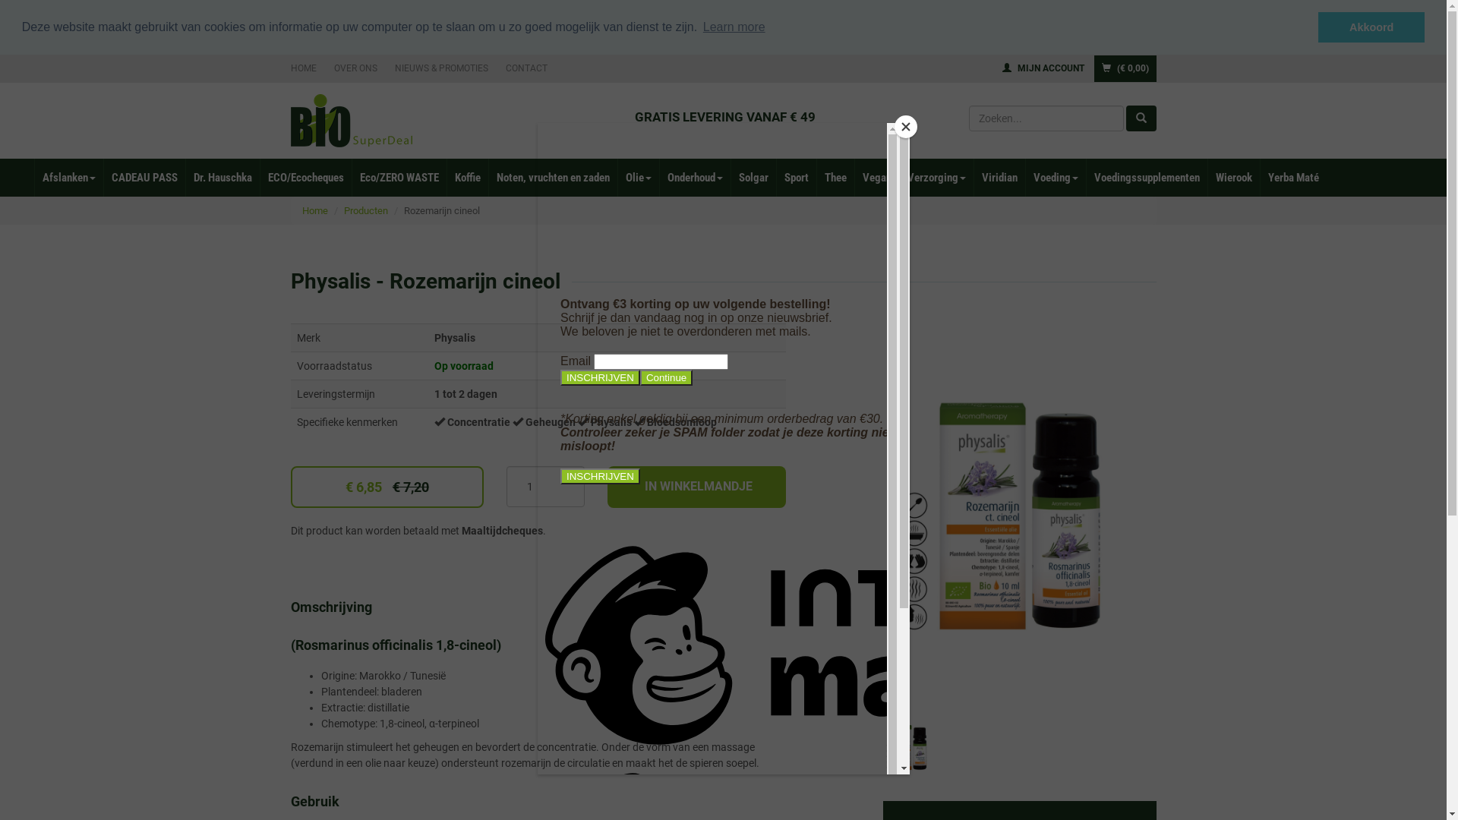  What do you see at coordinates (144, 175) in the screenshot?
I see `'CADEAU PASS'` at bounding box center [144, 175].